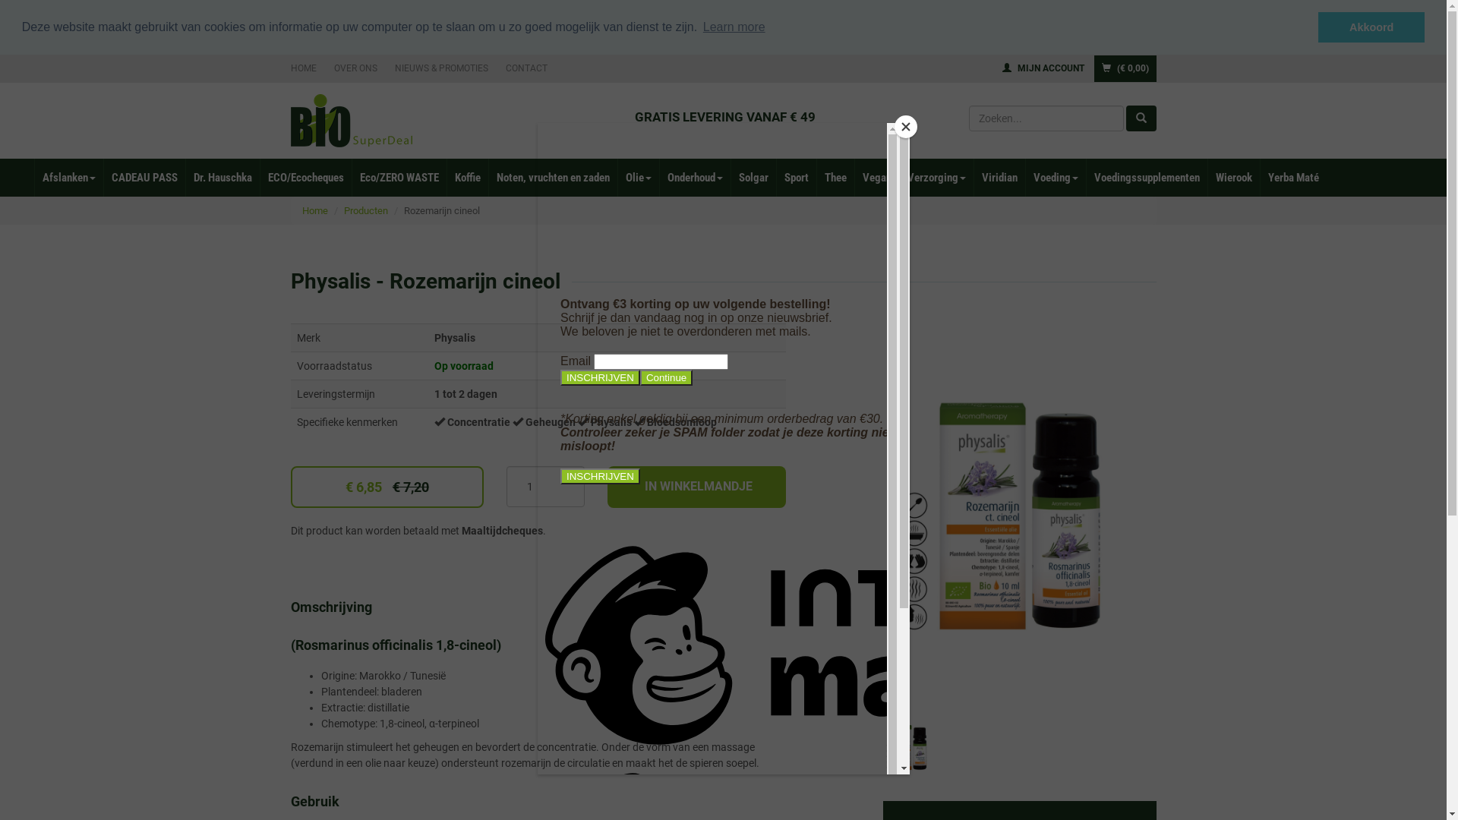  What do you see at coordinates (144, 175) in the screenshot?
I see `'CADEAU PASS'` at bounding box center [144, 175].